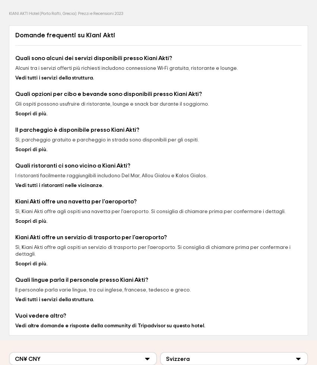  Describe the element at coordinates (178, 358) in the screenshot. I see `'Svizzera'` at that location.